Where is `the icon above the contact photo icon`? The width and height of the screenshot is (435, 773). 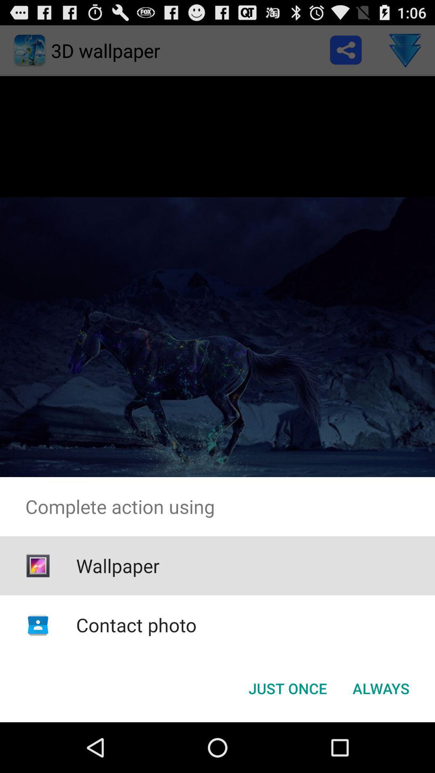
the icon above the contact photo icon is located at coordinates (118, 565).